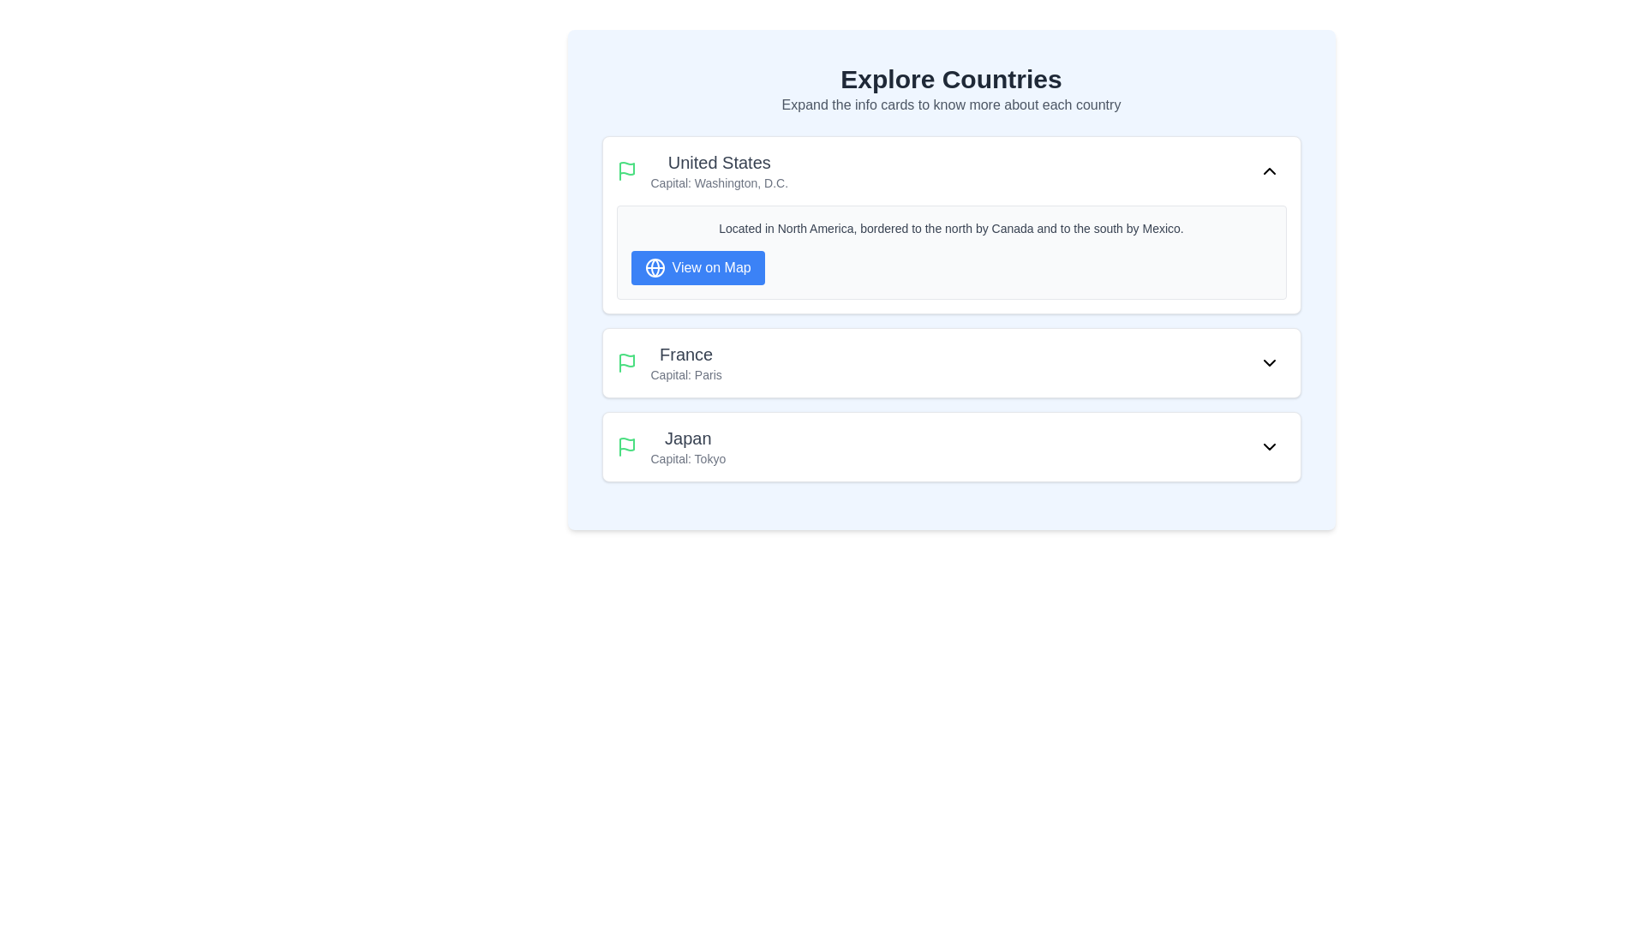 Image resolution: width=1645 pixels, height=925 pixels. Describe the element at coordinates (625, 168) in the screenshot. I see `the SVG flag illustration representing the United States, located at the top-left corner of the United States card section, adjacent to the title 'United States'` at that location.